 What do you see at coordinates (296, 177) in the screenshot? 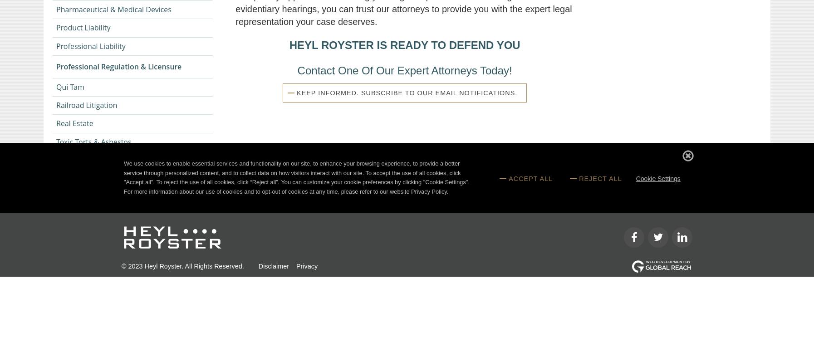
I see `'We use cookies to enable essential services and functionality on our site, to enhance your browsing experience, to provide a better service through personalized content, and to collect data on how visitors interact with our site. To accept the use of all cookies, click "Accept all". To reject the use of all cookies, click “Reject all”. You can customize your cookie preferences by clicking "Cookie Settings". For more information about our use of cookies and to opt-out of cookies at any time, please refer to our website Privacy Policy.'` at bounding box center [296, 177].